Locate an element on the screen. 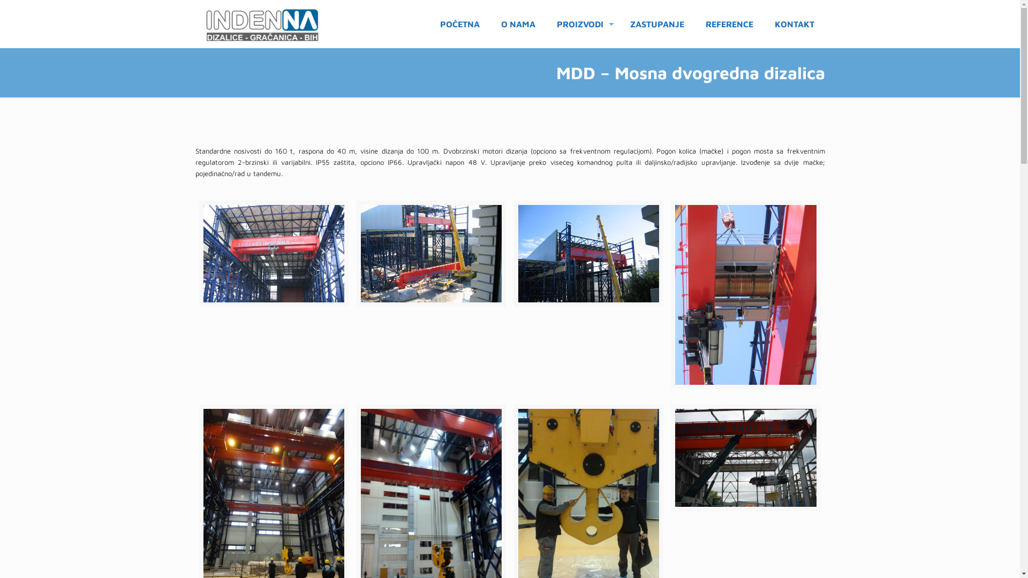 This screenshot has height=578, width=1028. 'O NAMA' is located at coordinates (518, 24).